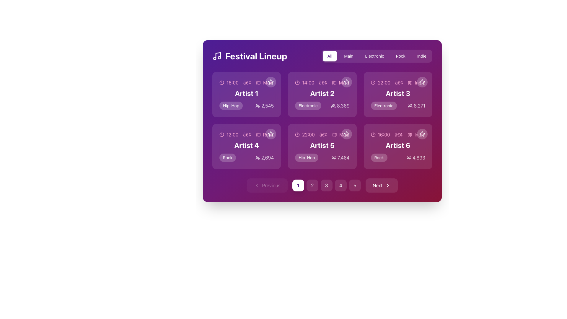  What do you see at coordinates (398, 145) in the screenshot?
I see `the Text Label that identifies the performer in the sixth box of the grid layout within the 'Festival Lineup' section, located in the third column of the second row, beneath '16:00 • Indie' and above 'Rock' and '4,893'` at bounding box center [398, 145].